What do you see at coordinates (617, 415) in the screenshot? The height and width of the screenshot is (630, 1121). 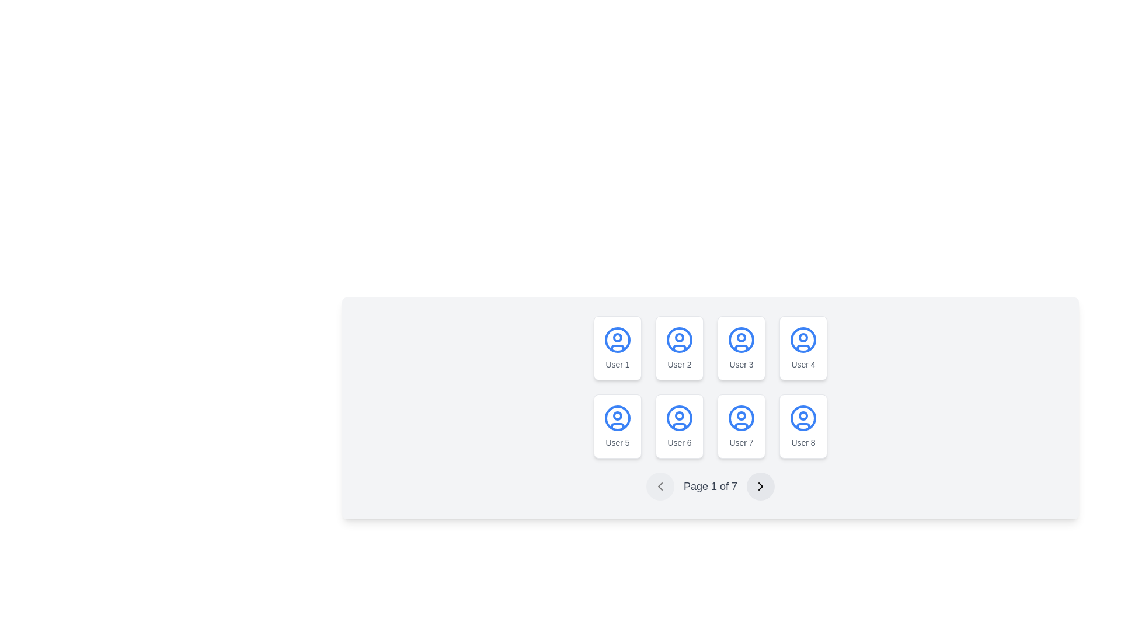 I see `the circular user icon at the top center of the 'User 5' card, which is located in the second row, first column of the card grid` at bounding box center [617, 415].